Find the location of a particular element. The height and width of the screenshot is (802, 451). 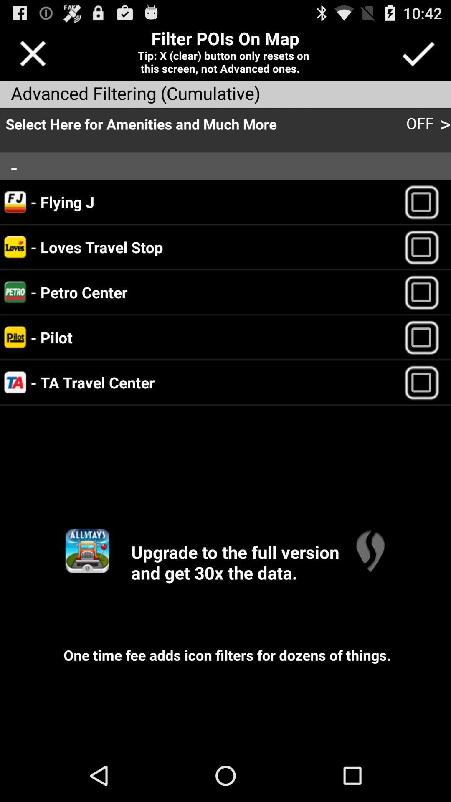

option is located at coordinates (426, 337).